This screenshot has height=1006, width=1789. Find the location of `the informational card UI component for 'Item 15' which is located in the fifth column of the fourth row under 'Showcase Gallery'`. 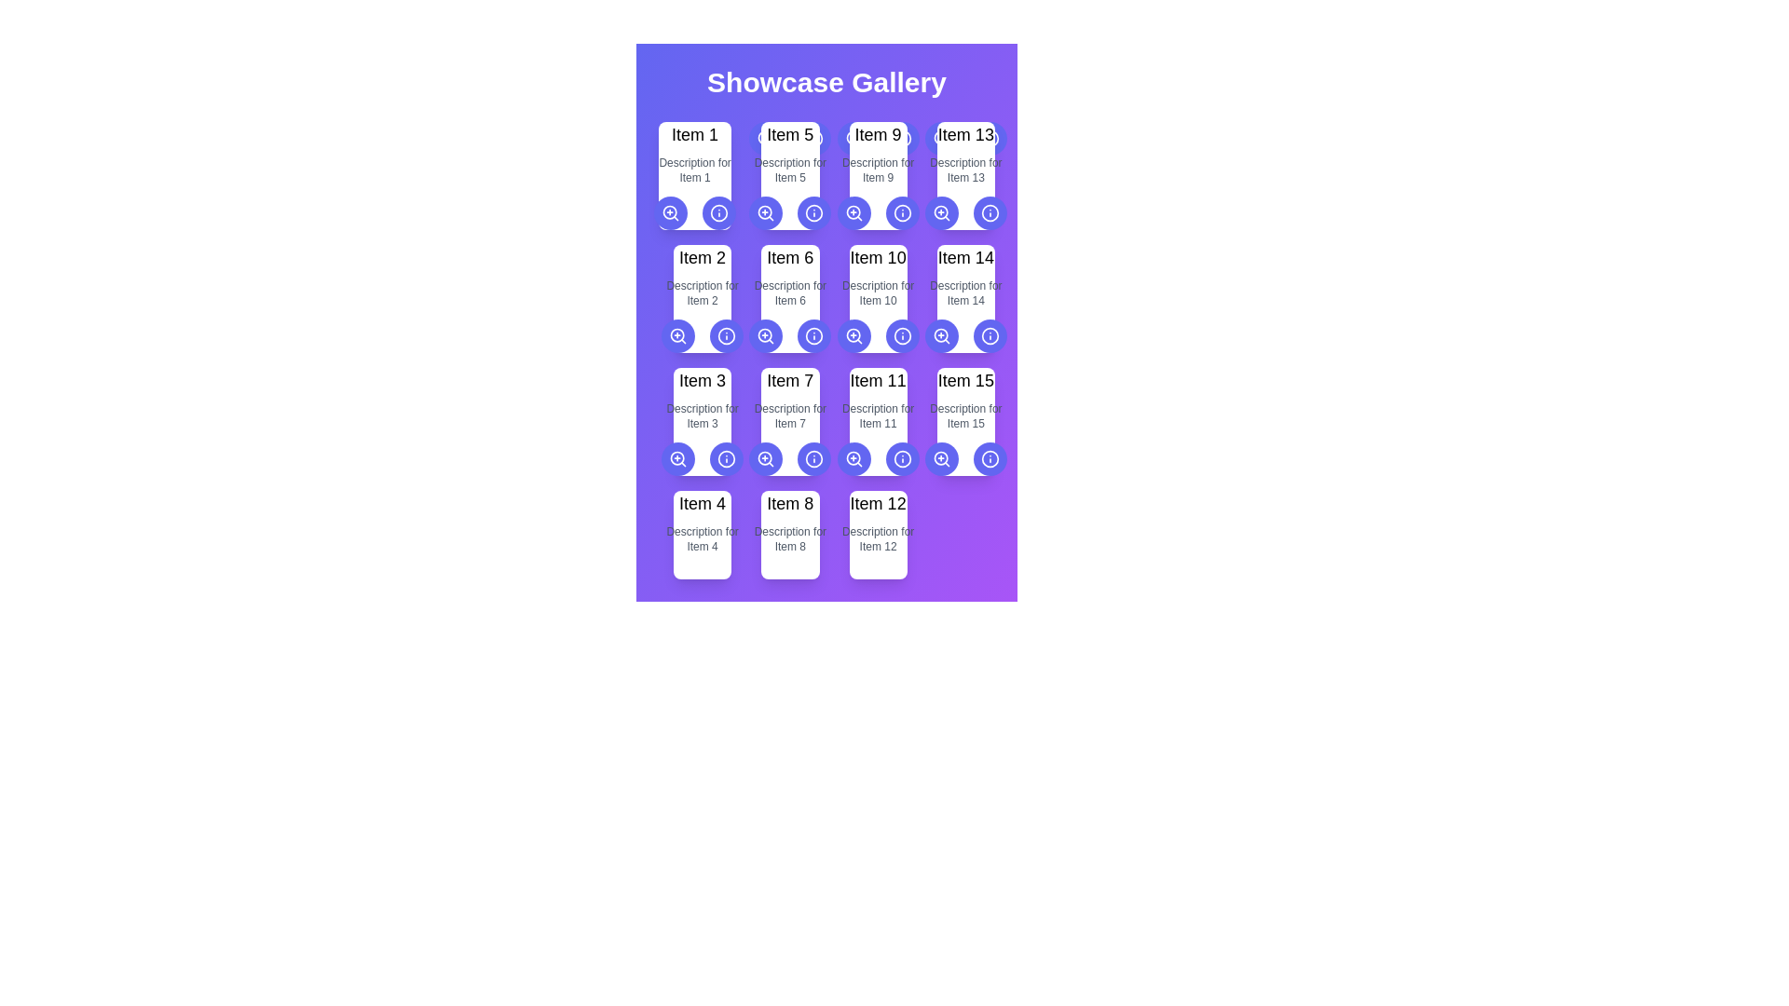

the informational card UI component for 'Item 15' which is located in the fifth column of the fourth row under 'Showcase Gallery' is located at coordinates (965, 421).